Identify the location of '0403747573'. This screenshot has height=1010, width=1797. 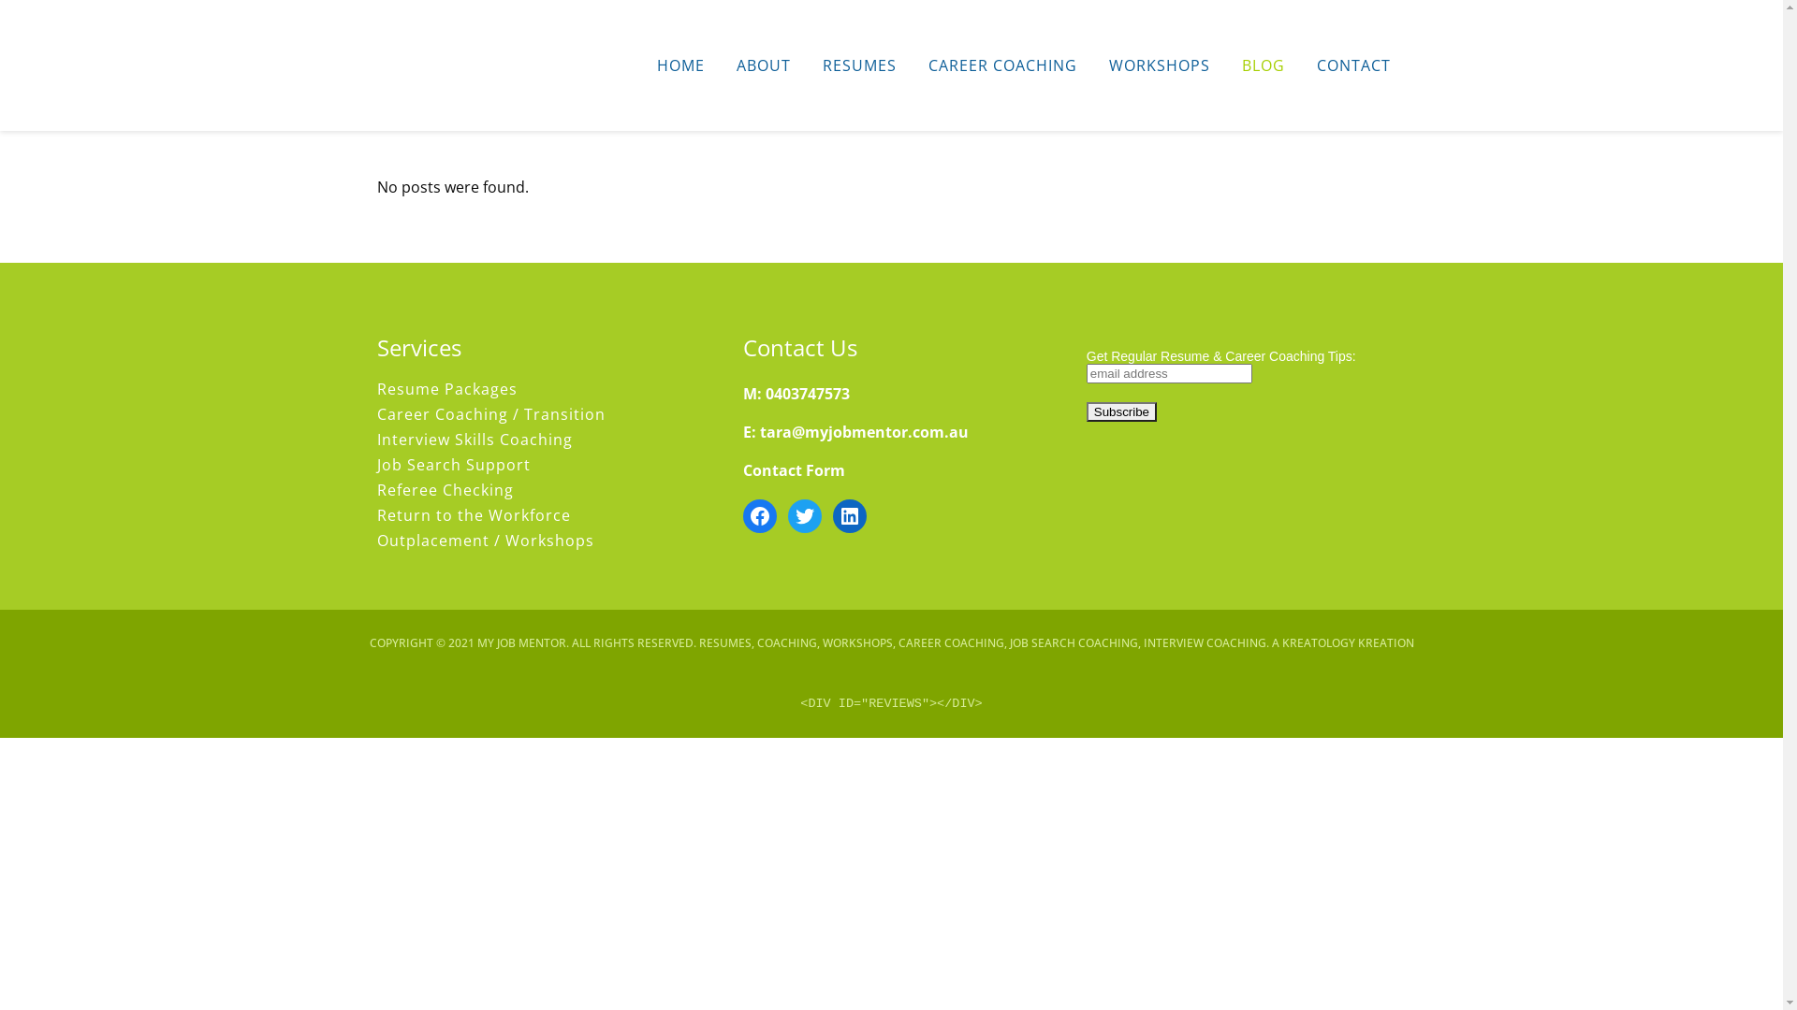
(808, 392).